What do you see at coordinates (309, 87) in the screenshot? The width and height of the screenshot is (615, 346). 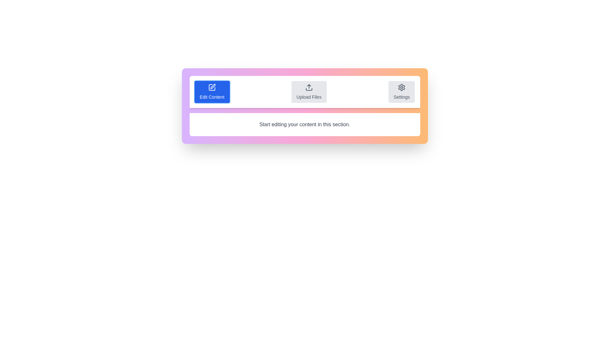 I see `the 'Upload Files' icon located centrally among the sibling blocks to initiate the file upload action` at bounding box center [309, 87].